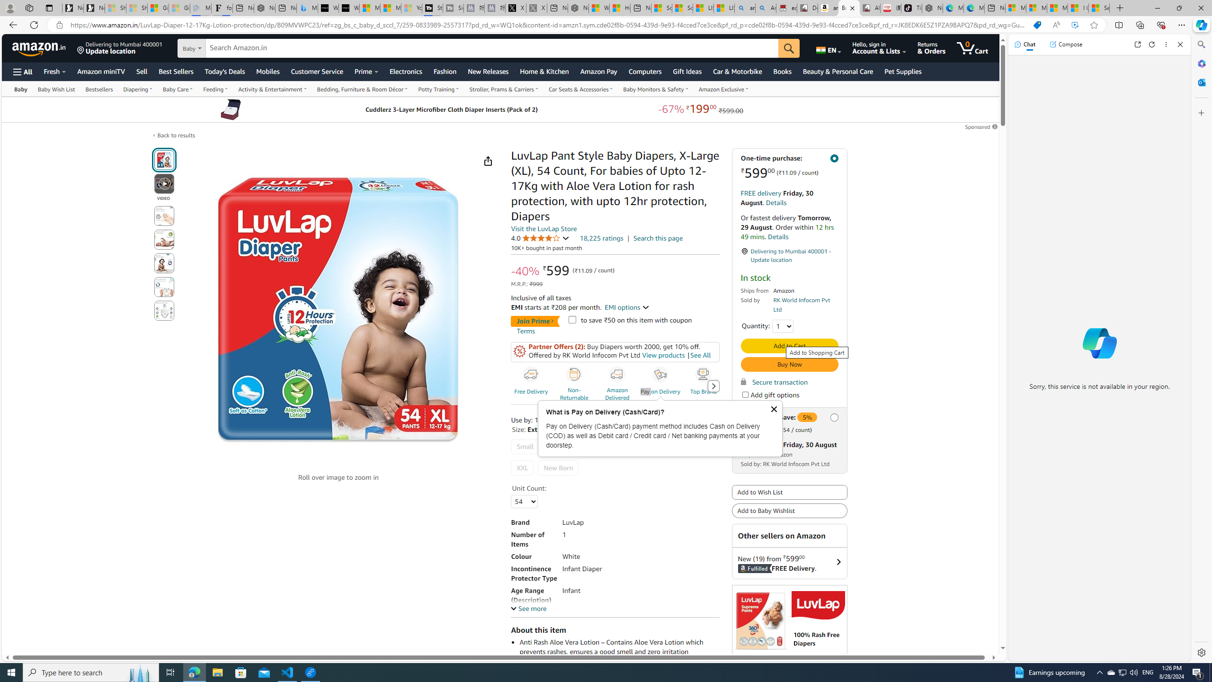 This screenshot has width=1212, height=682. What do you see at coordinates (94, 8) in the screenshot?
I see `'Newsletter Sign Up'` at bounding box center [94, 8].